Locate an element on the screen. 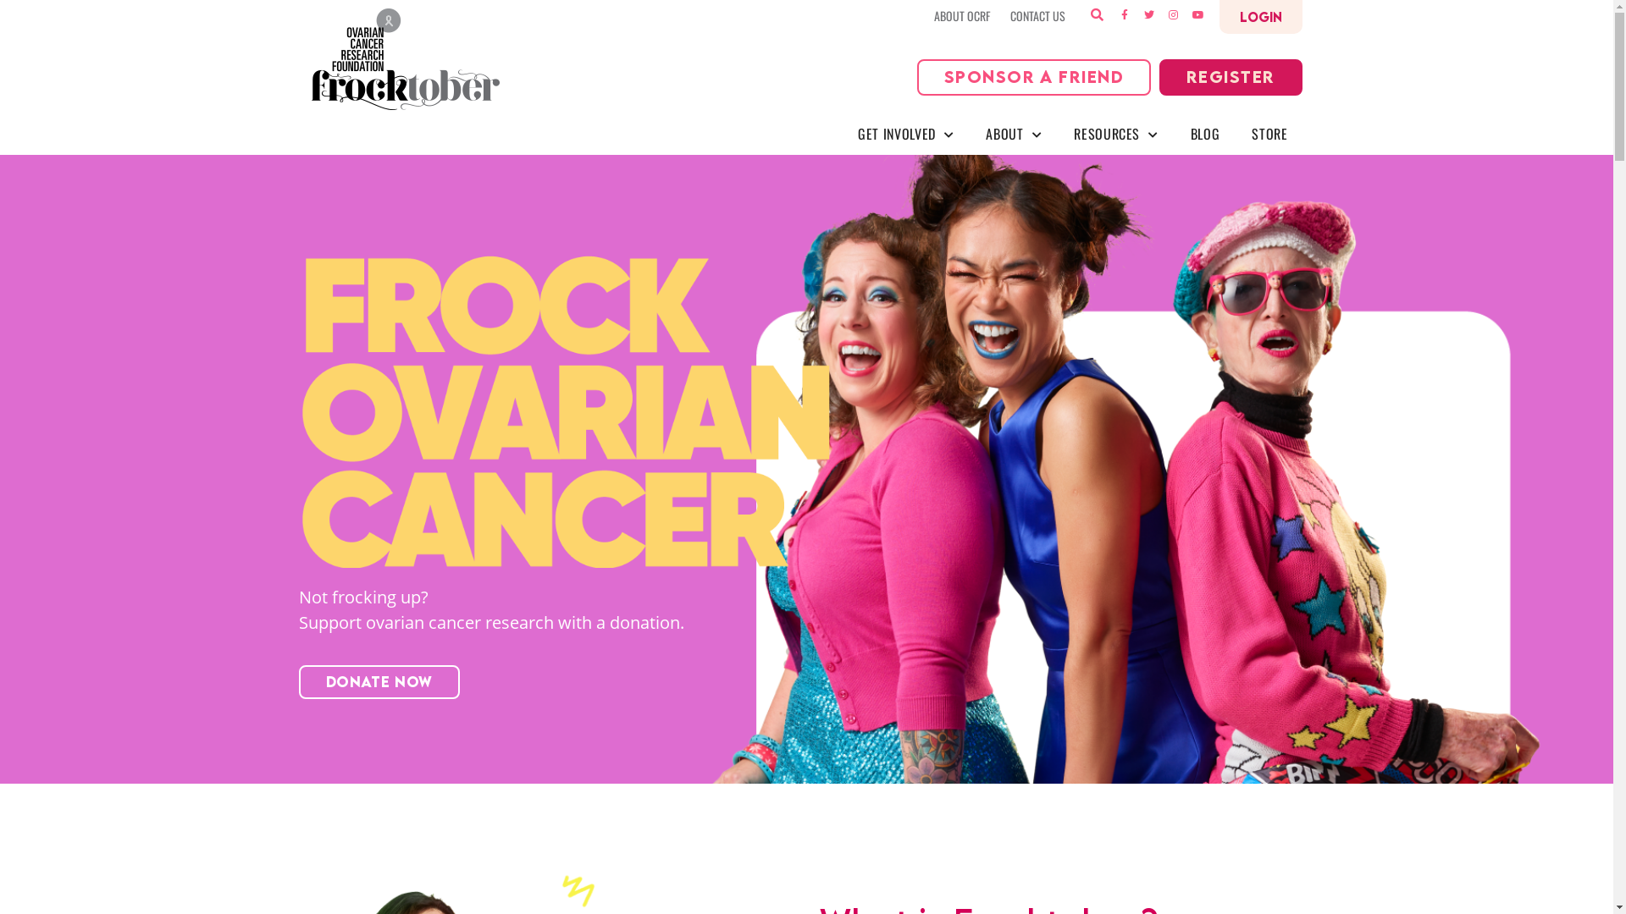 The height and width of the screenshot is (914, 1626). 'BLOG' is located at coordinates (1204, 133).